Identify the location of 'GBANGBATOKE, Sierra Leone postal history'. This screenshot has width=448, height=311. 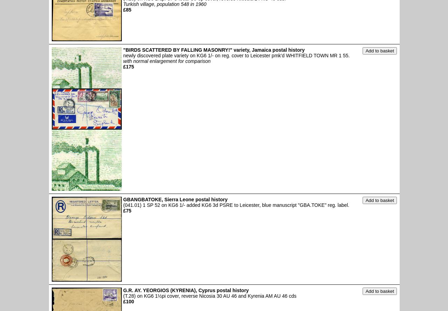
(123, 199).